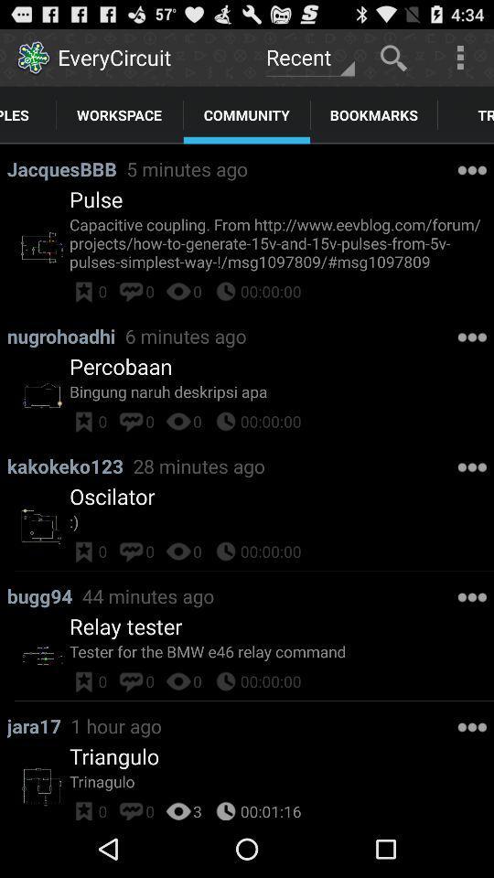  Describe the element at coordinates (44, 594) in the screenshot. I see `bugg94 item` at that location.